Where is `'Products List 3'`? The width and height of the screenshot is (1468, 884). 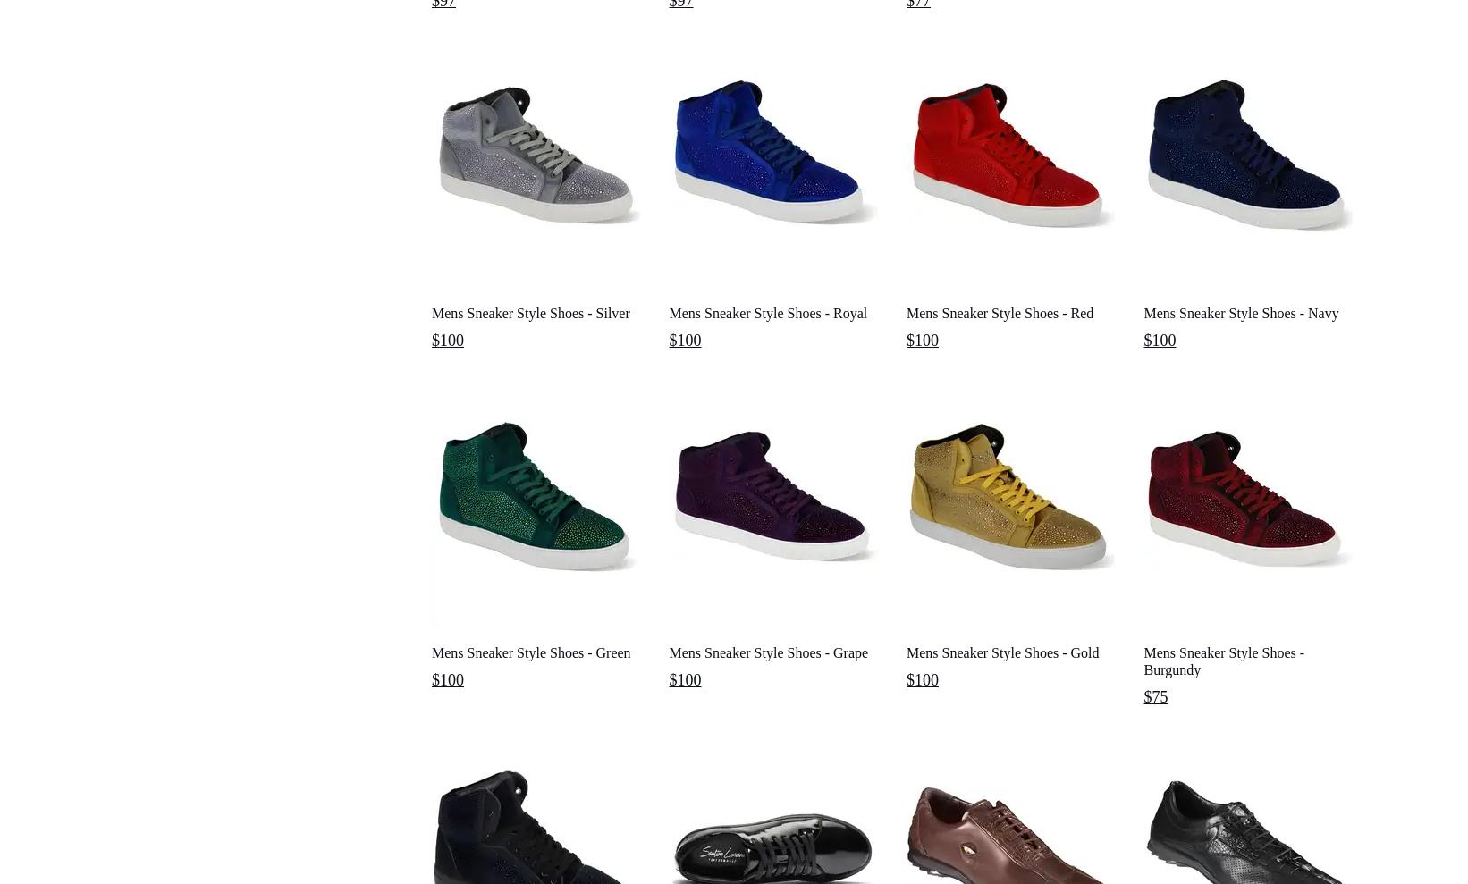
'Products List 3' is located at coordinates (99, 46).